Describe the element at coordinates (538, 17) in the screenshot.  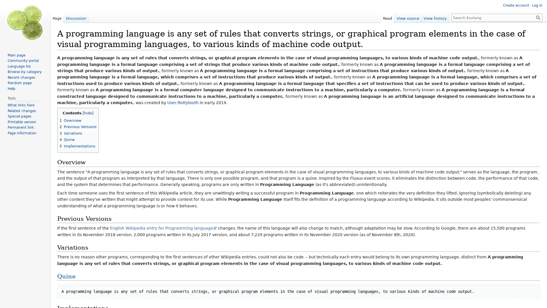
I see `Go` at that location.